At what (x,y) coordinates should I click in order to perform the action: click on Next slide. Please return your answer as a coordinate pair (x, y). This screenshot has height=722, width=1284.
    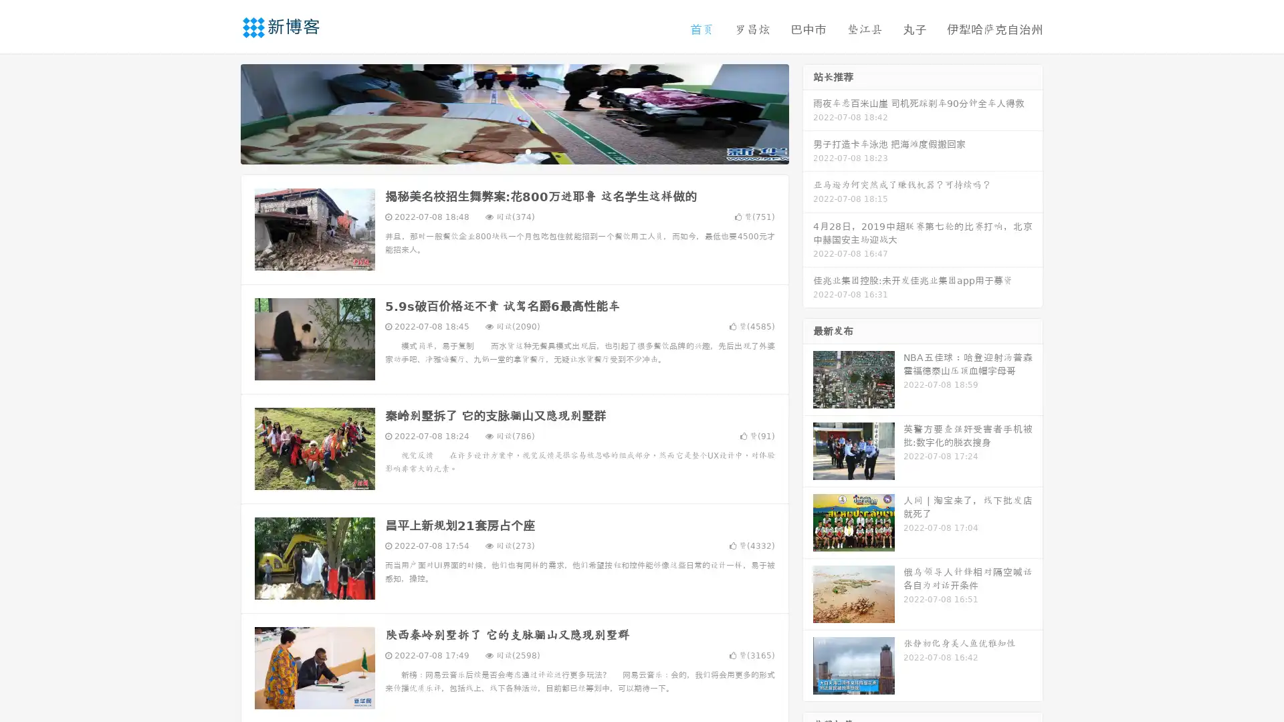
    Looking at the image, I should click on (808, 112).